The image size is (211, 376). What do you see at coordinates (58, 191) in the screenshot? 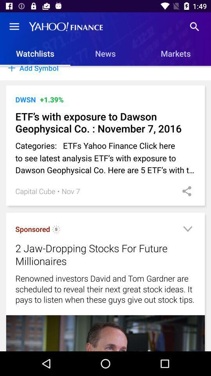
I see `icon to the right of the capital cube item` at bounding box center [58, 191].